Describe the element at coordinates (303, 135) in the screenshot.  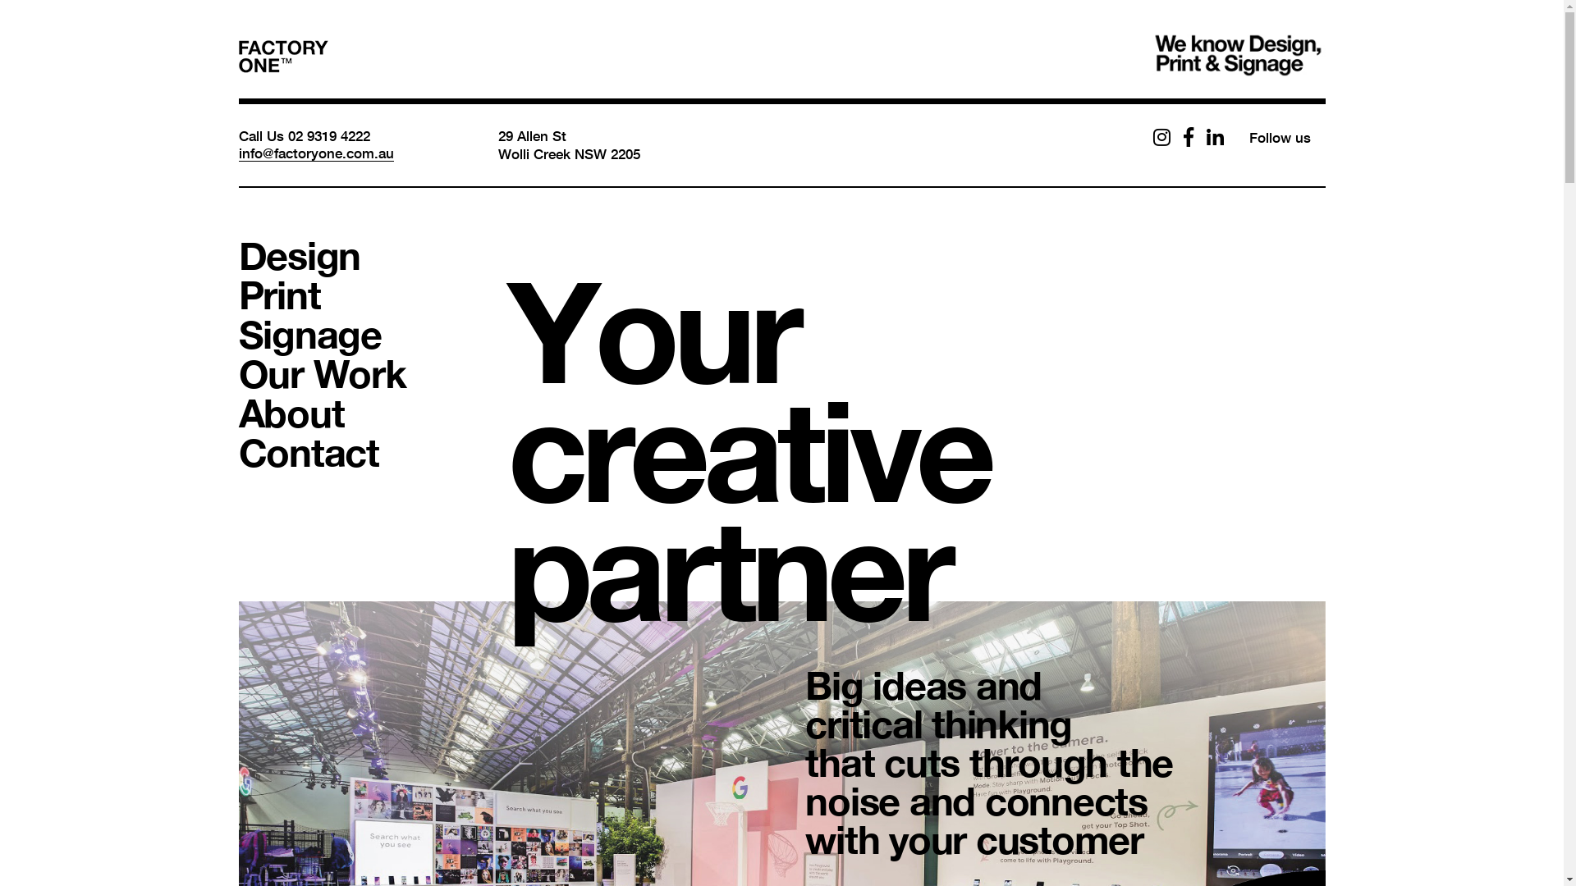
I see `'Call Us 02 9319 4222'` at that location.